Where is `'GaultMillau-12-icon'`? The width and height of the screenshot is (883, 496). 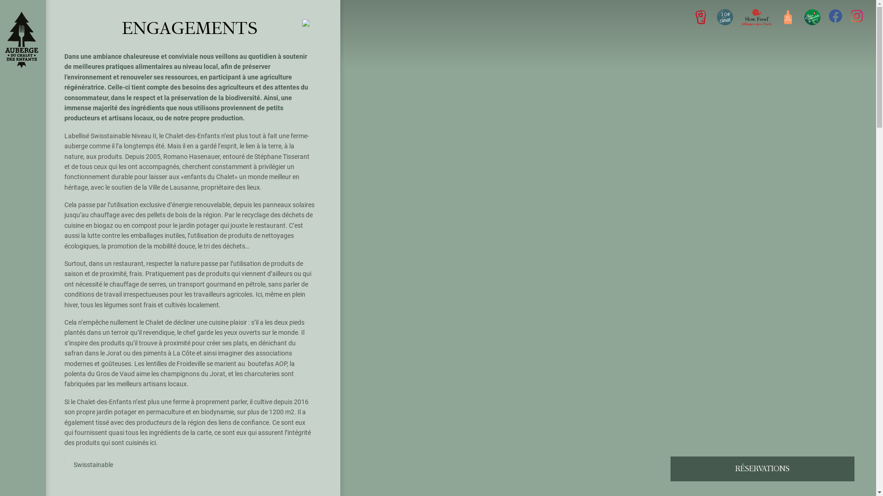
'GaultMillau-12-icon' is located at coordinates (700, 17).